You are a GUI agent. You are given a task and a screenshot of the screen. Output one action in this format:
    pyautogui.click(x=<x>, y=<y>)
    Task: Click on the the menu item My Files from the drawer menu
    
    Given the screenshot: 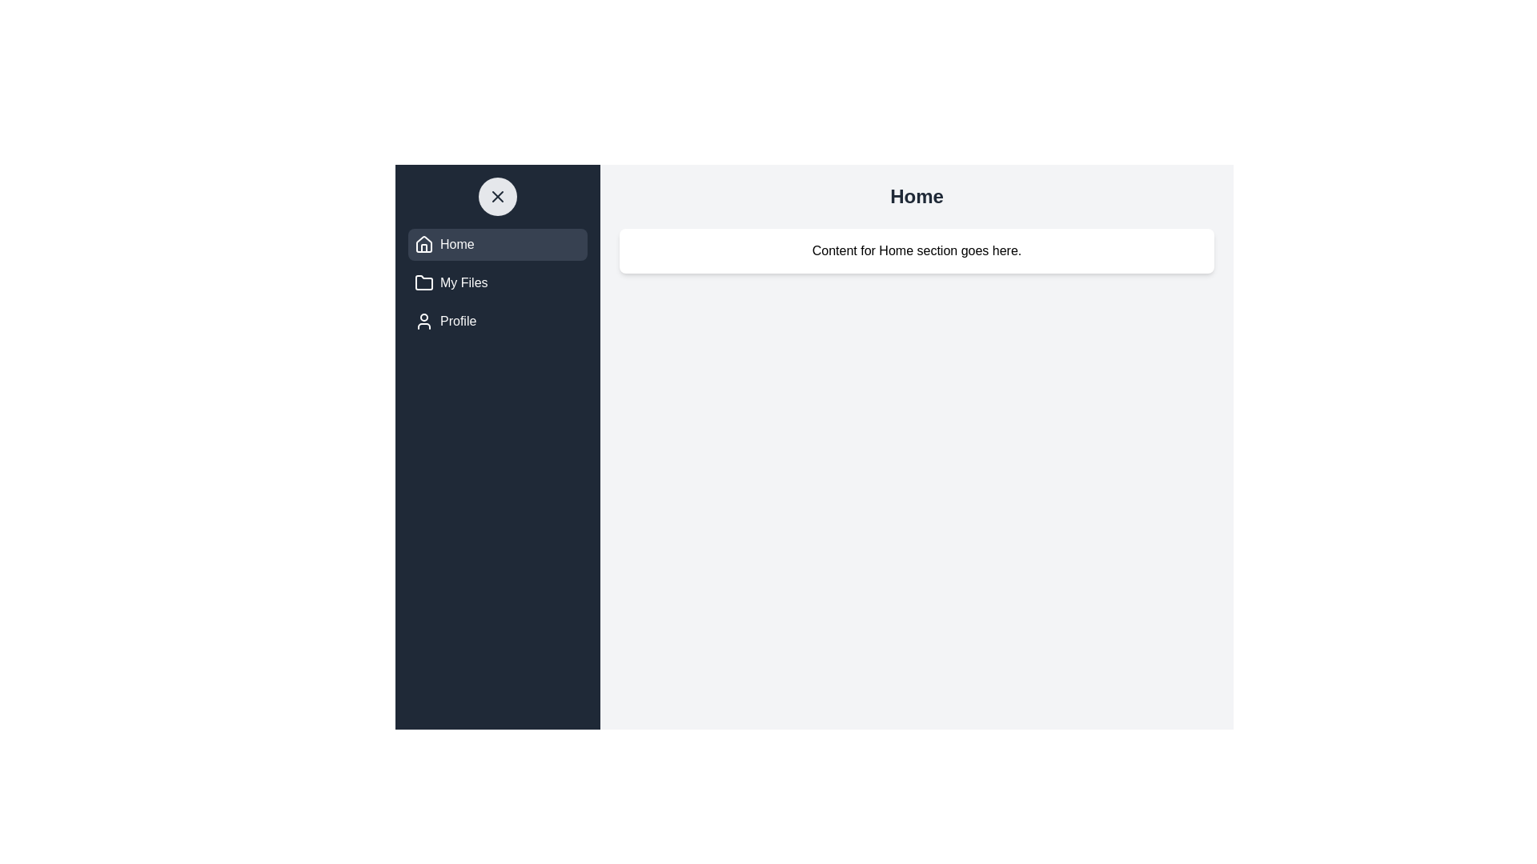 What is the action you would take?
    pyautogui.click(x=497, y=282)
    